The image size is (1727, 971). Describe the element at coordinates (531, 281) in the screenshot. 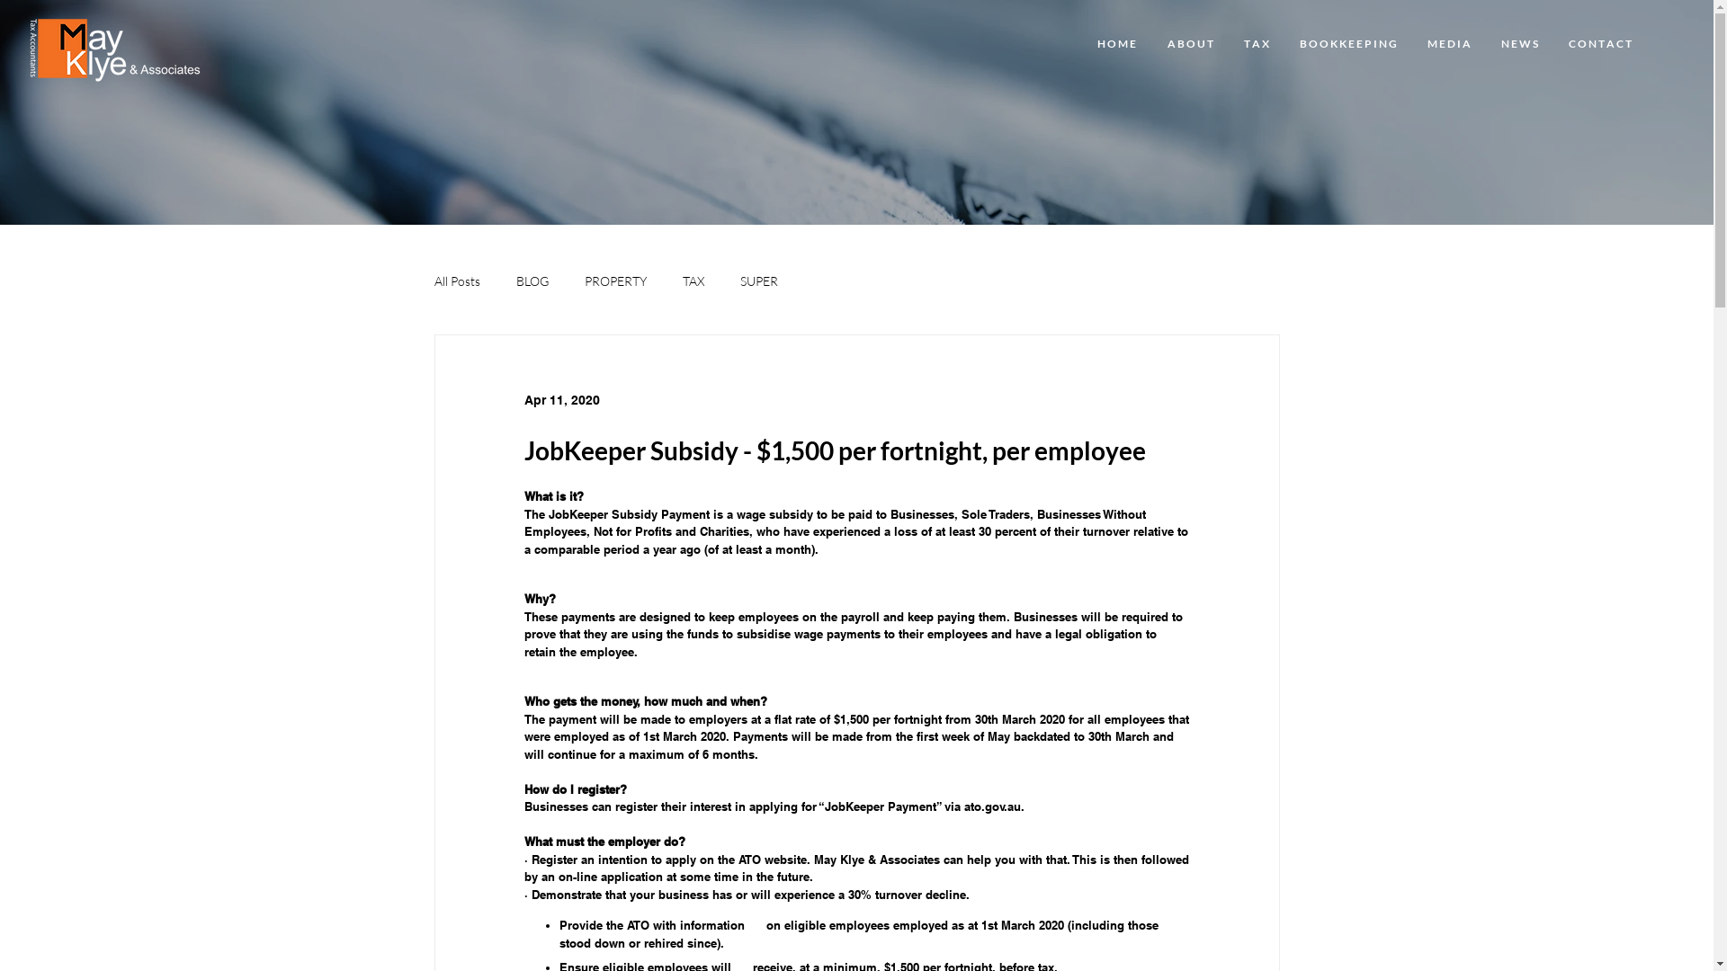

I see `'BLOG'` at that location.